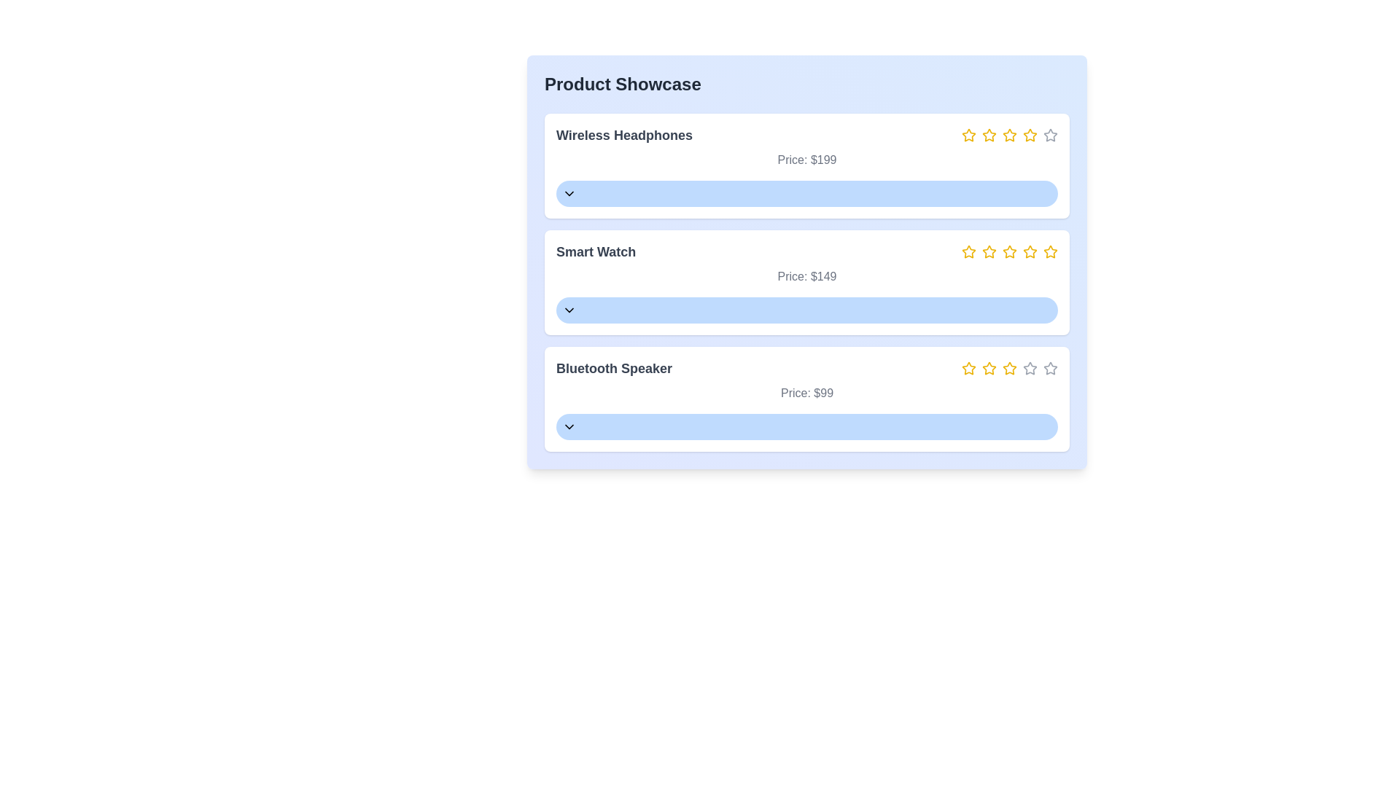  I want to click on the fourth star in the five-star rating system for the 'Smart Watch', so click(1009, 251).